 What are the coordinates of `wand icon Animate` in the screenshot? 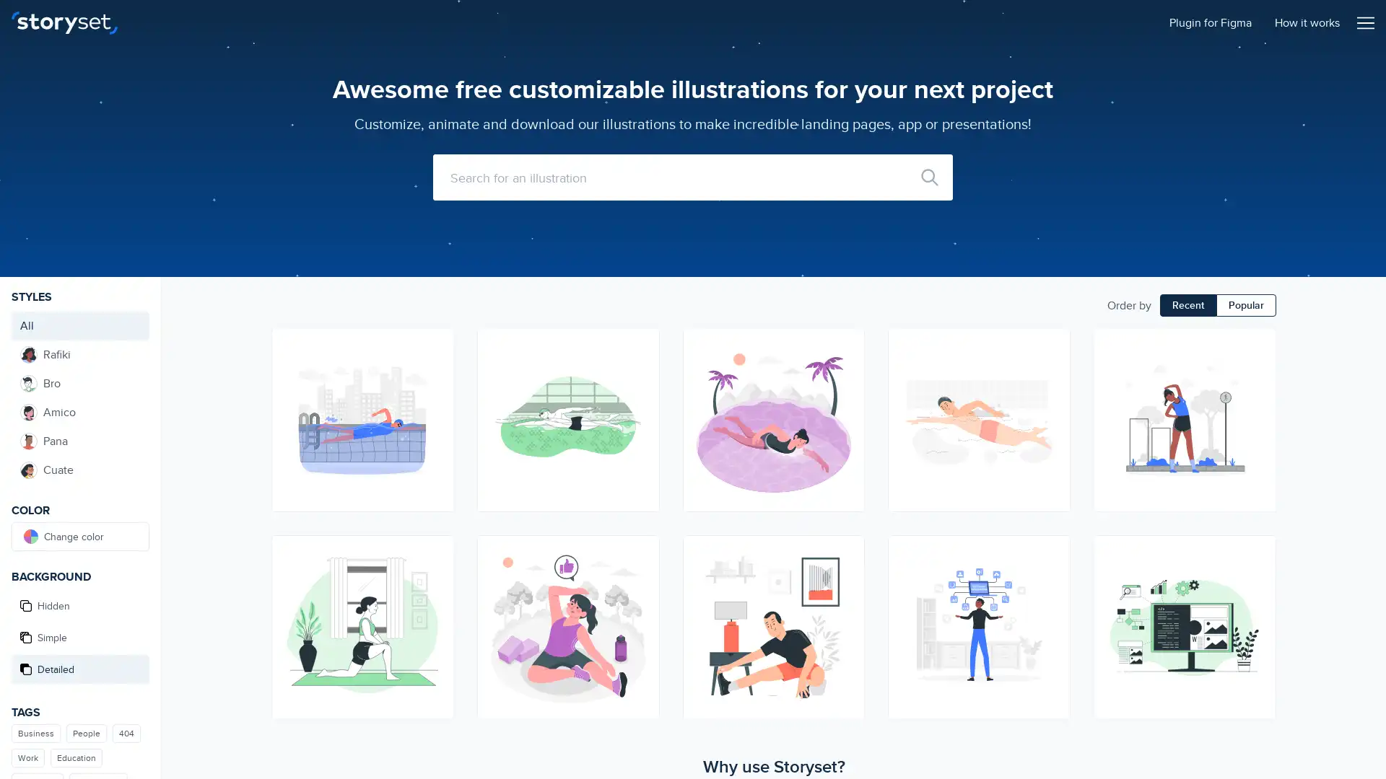 It's located at (1052, 552).